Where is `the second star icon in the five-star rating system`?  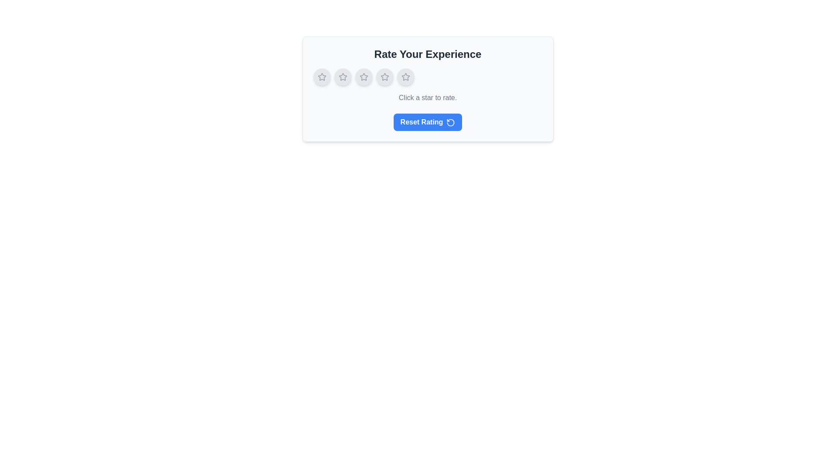
the second star icon in the five-star rating system is located at coordinates (342, 77).